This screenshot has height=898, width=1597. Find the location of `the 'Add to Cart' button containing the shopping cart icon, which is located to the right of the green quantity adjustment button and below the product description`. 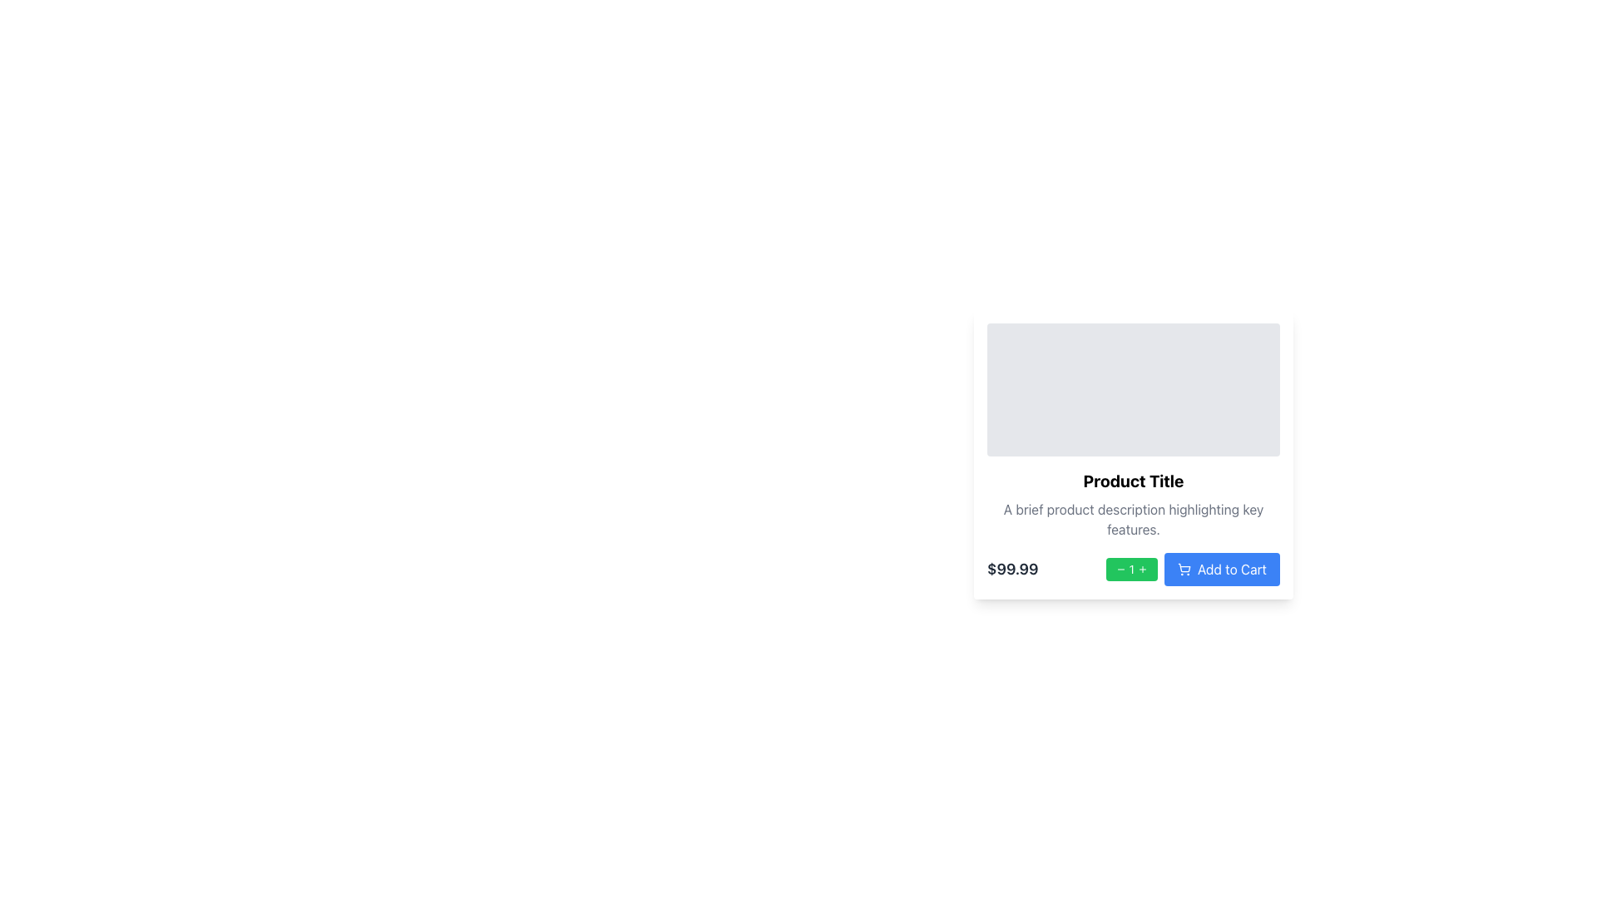

the 'Add to Cart' button containing the shopping cart icon, which is located to the right of the green quantity adjustment button and below the product description is located at coordinates (1184, 566).